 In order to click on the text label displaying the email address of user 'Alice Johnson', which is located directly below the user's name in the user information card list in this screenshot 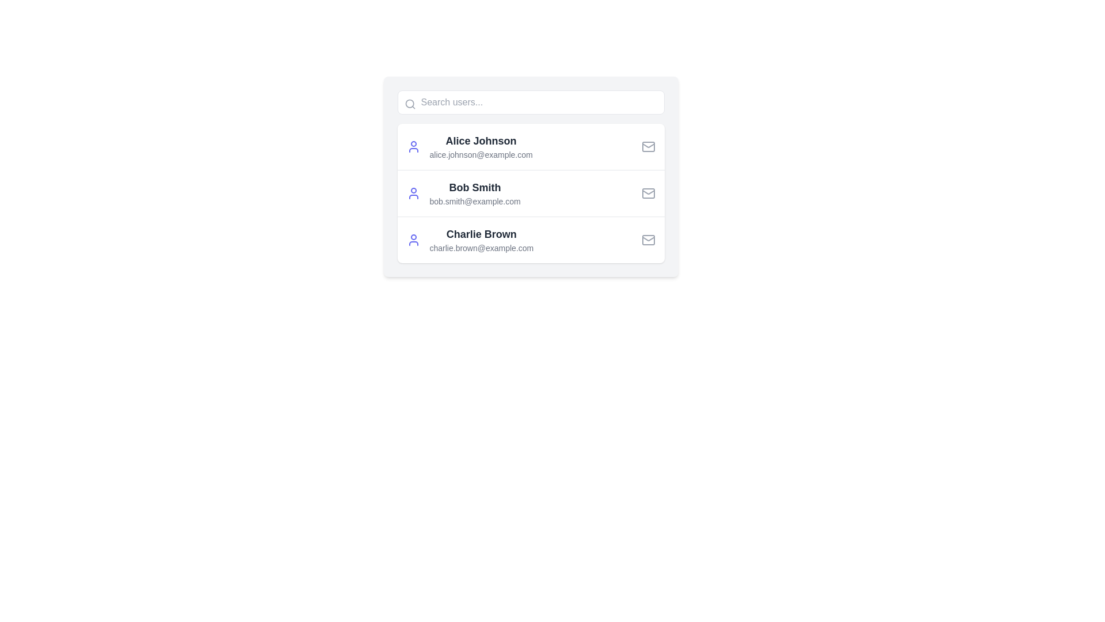, I will do `click(481, 154)`.